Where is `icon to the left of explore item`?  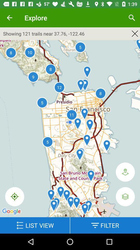
icon to the left of explore item is located at coordinates (9, 18).